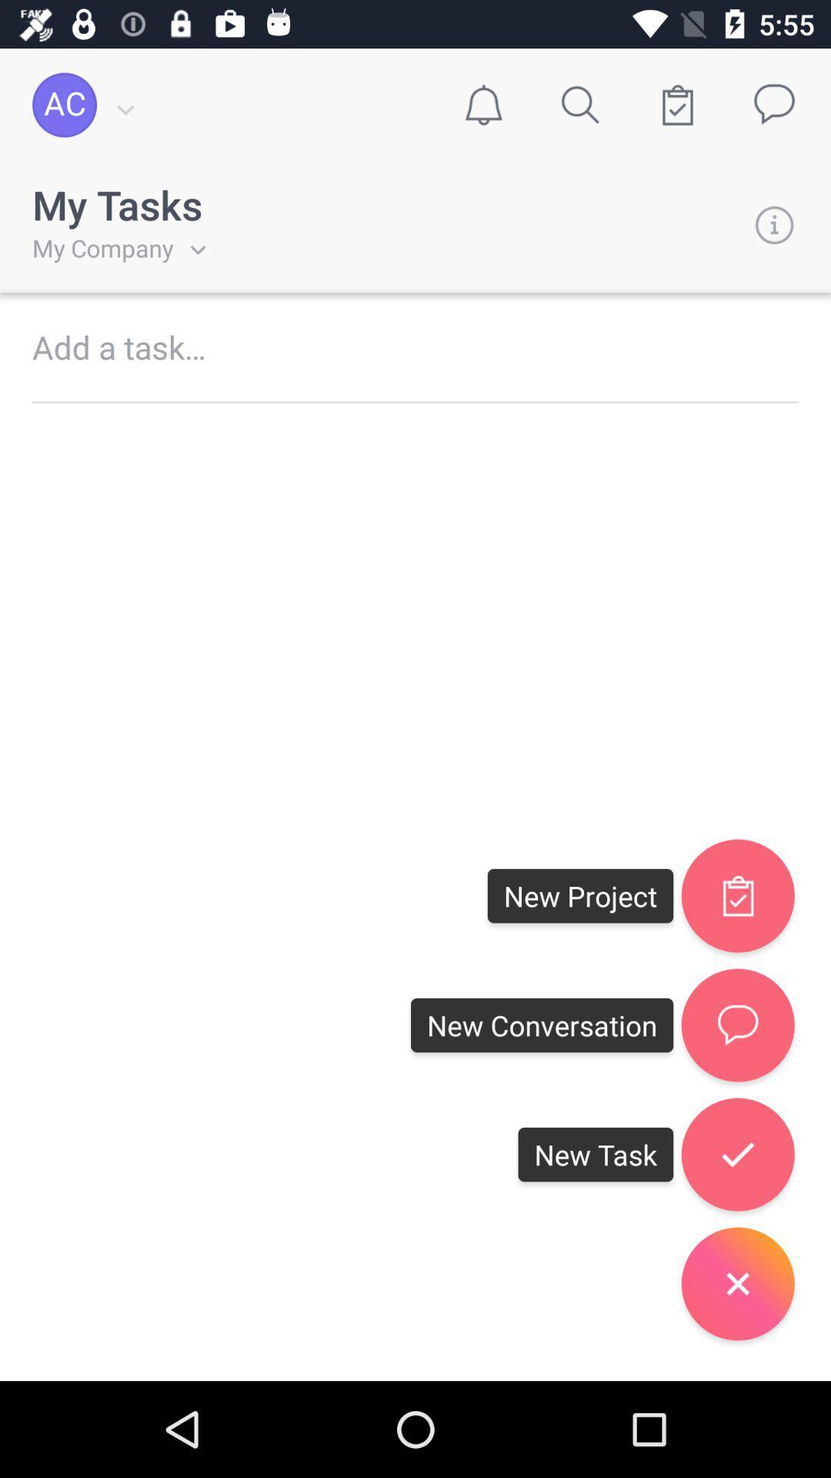 The width and height of the screenshot is (831, 1478). What do you see at coordinates (737, 1283) in the screenshot?
I see `the close icon` at bounding box center [737, 1283].